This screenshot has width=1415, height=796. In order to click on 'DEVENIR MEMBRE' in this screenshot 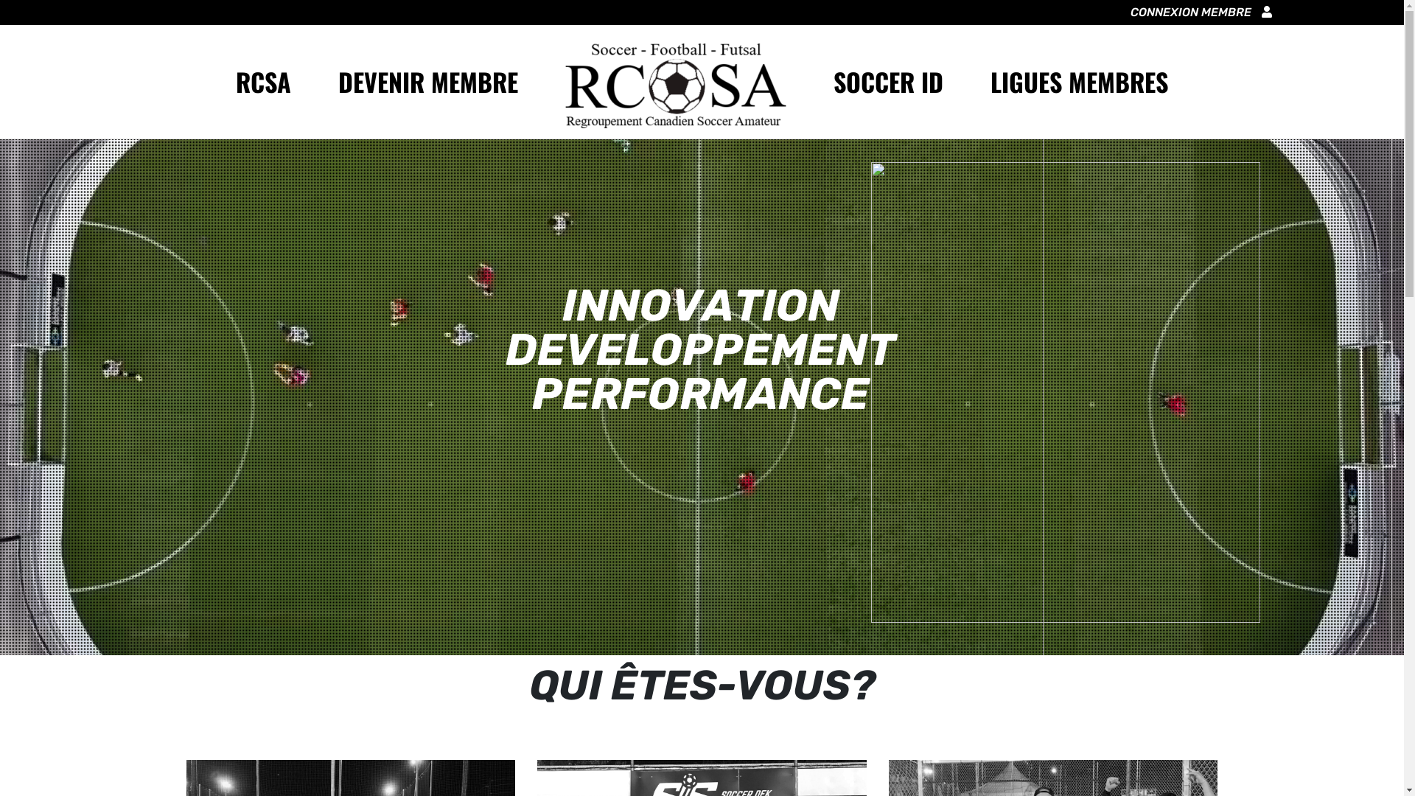, I will do `click(427, 82)`.